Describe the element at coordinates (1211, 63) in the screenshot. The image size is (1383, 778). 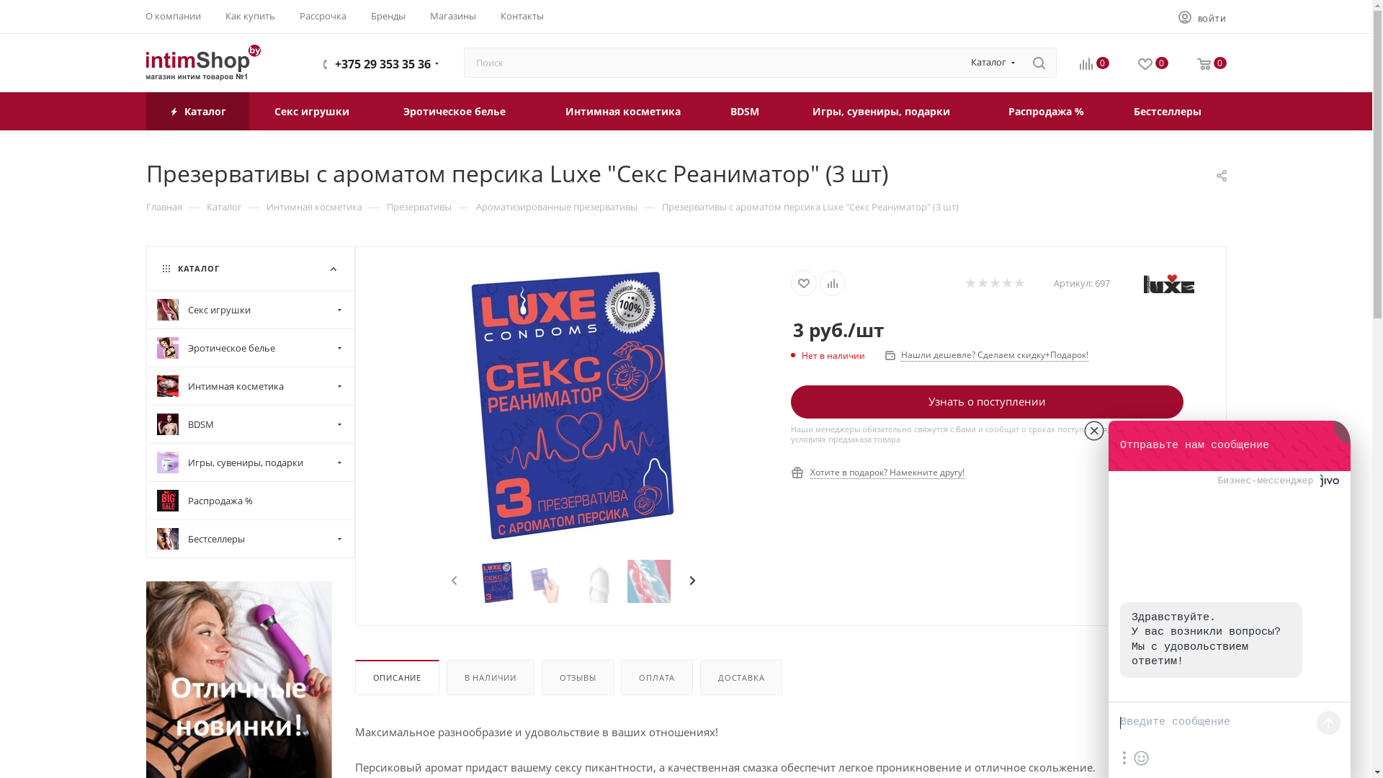
I see `'0'` at that location.